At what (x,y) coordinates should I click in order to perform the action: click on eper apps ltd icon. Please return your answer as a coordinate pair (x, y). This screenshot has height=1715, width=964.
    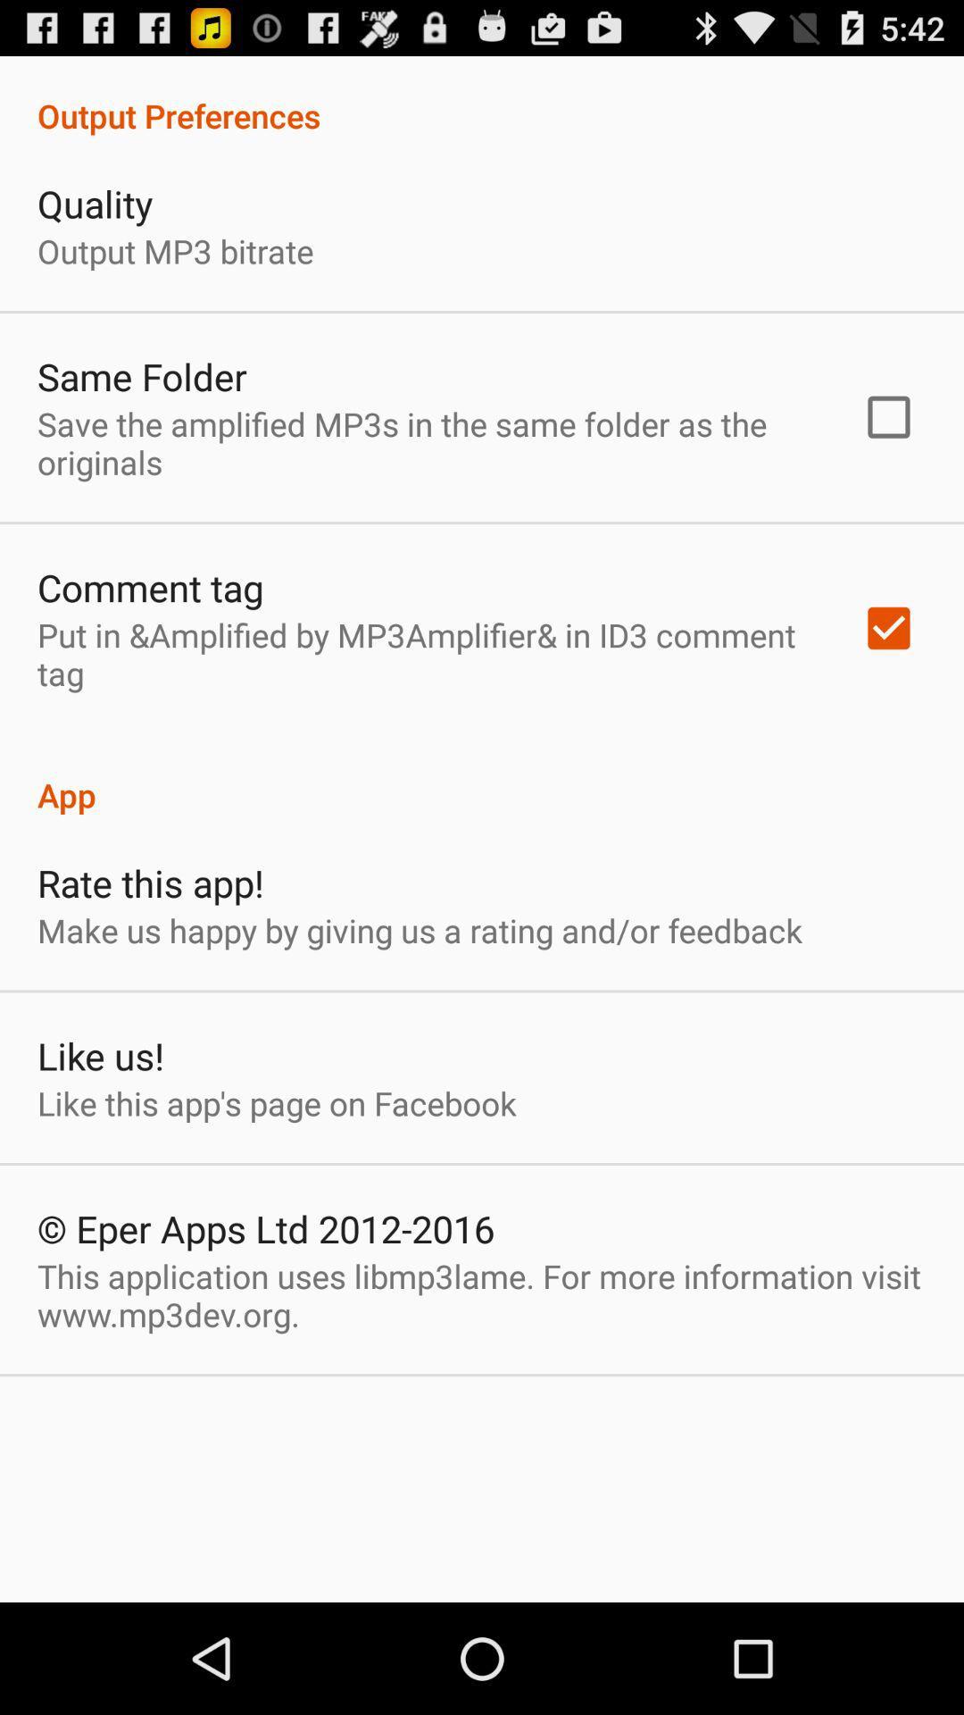
    Looking at the image, I should click on (266, 1227).